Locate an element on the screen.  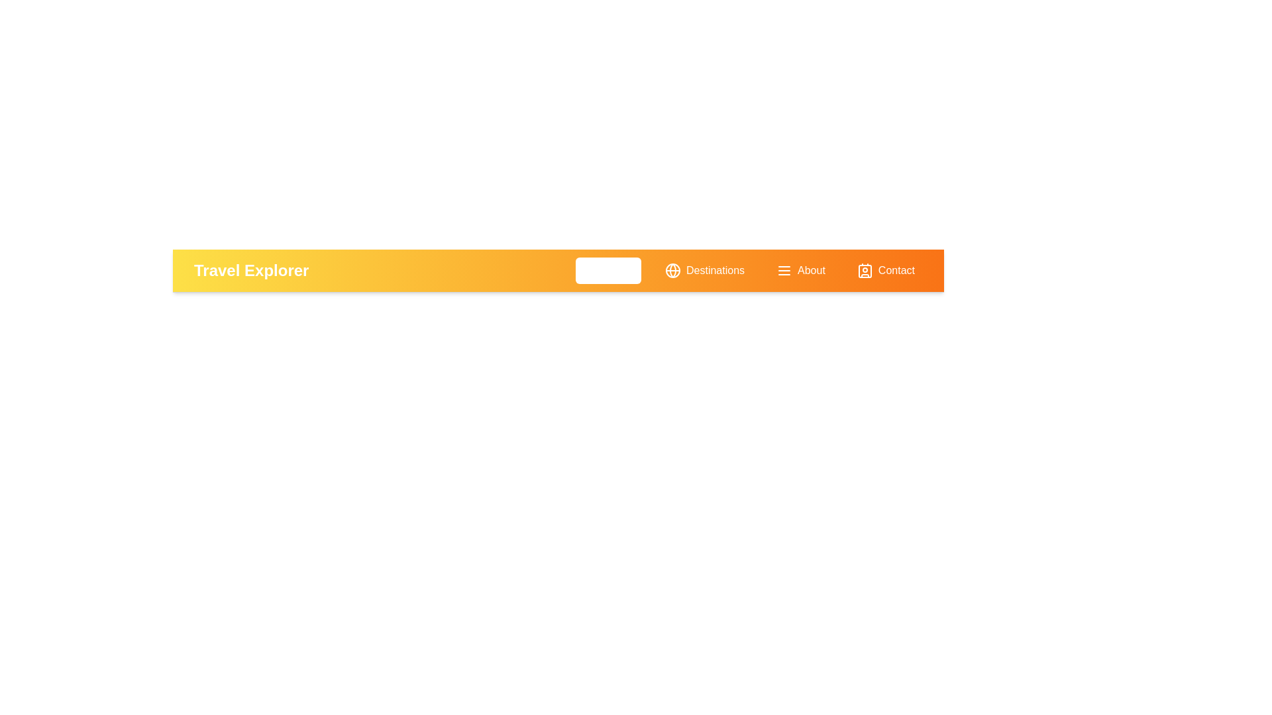
the 'Destinations' button, which is styled with an orange background and features a globe icon and white text label, located in the horizontal navigation bar is located at coordinates (704, 269).